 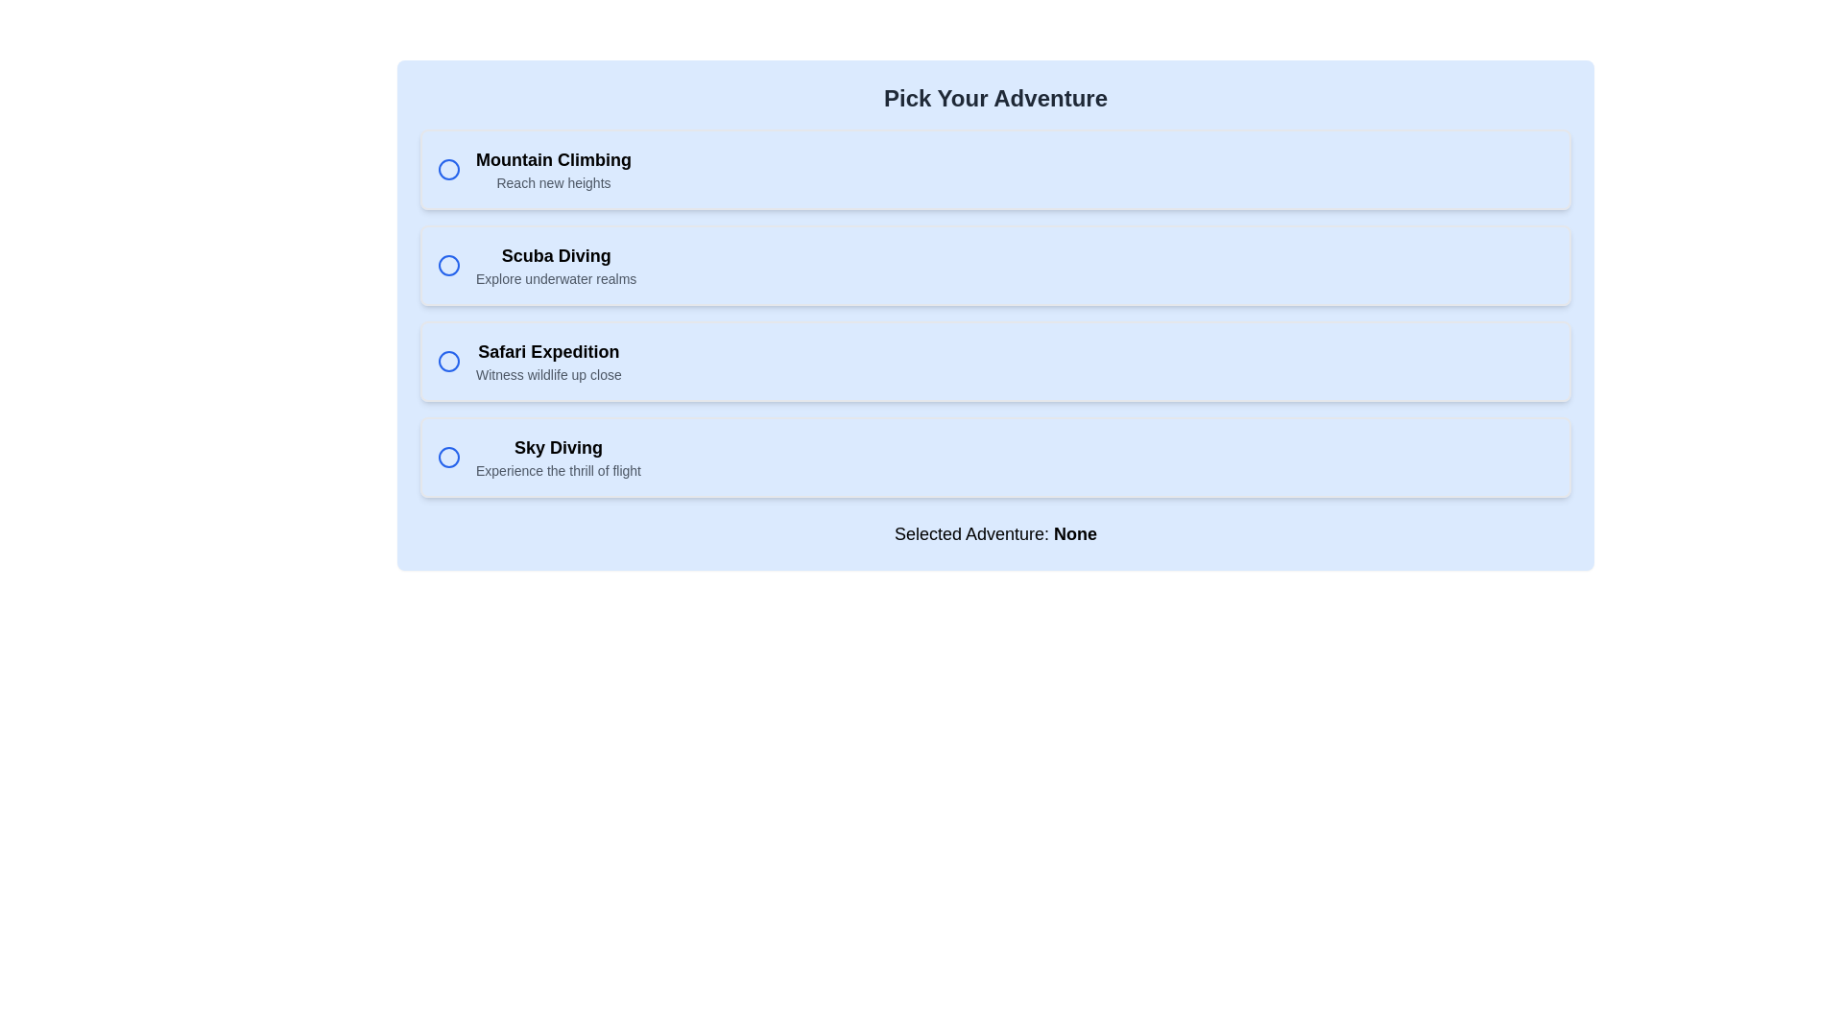 What do you see at coordinates (447, 169) in the screenshot?
I see `the first circular icon that serves as a selection marker for the 'Mountain Climbing' option` at bounding box center [447, 169].